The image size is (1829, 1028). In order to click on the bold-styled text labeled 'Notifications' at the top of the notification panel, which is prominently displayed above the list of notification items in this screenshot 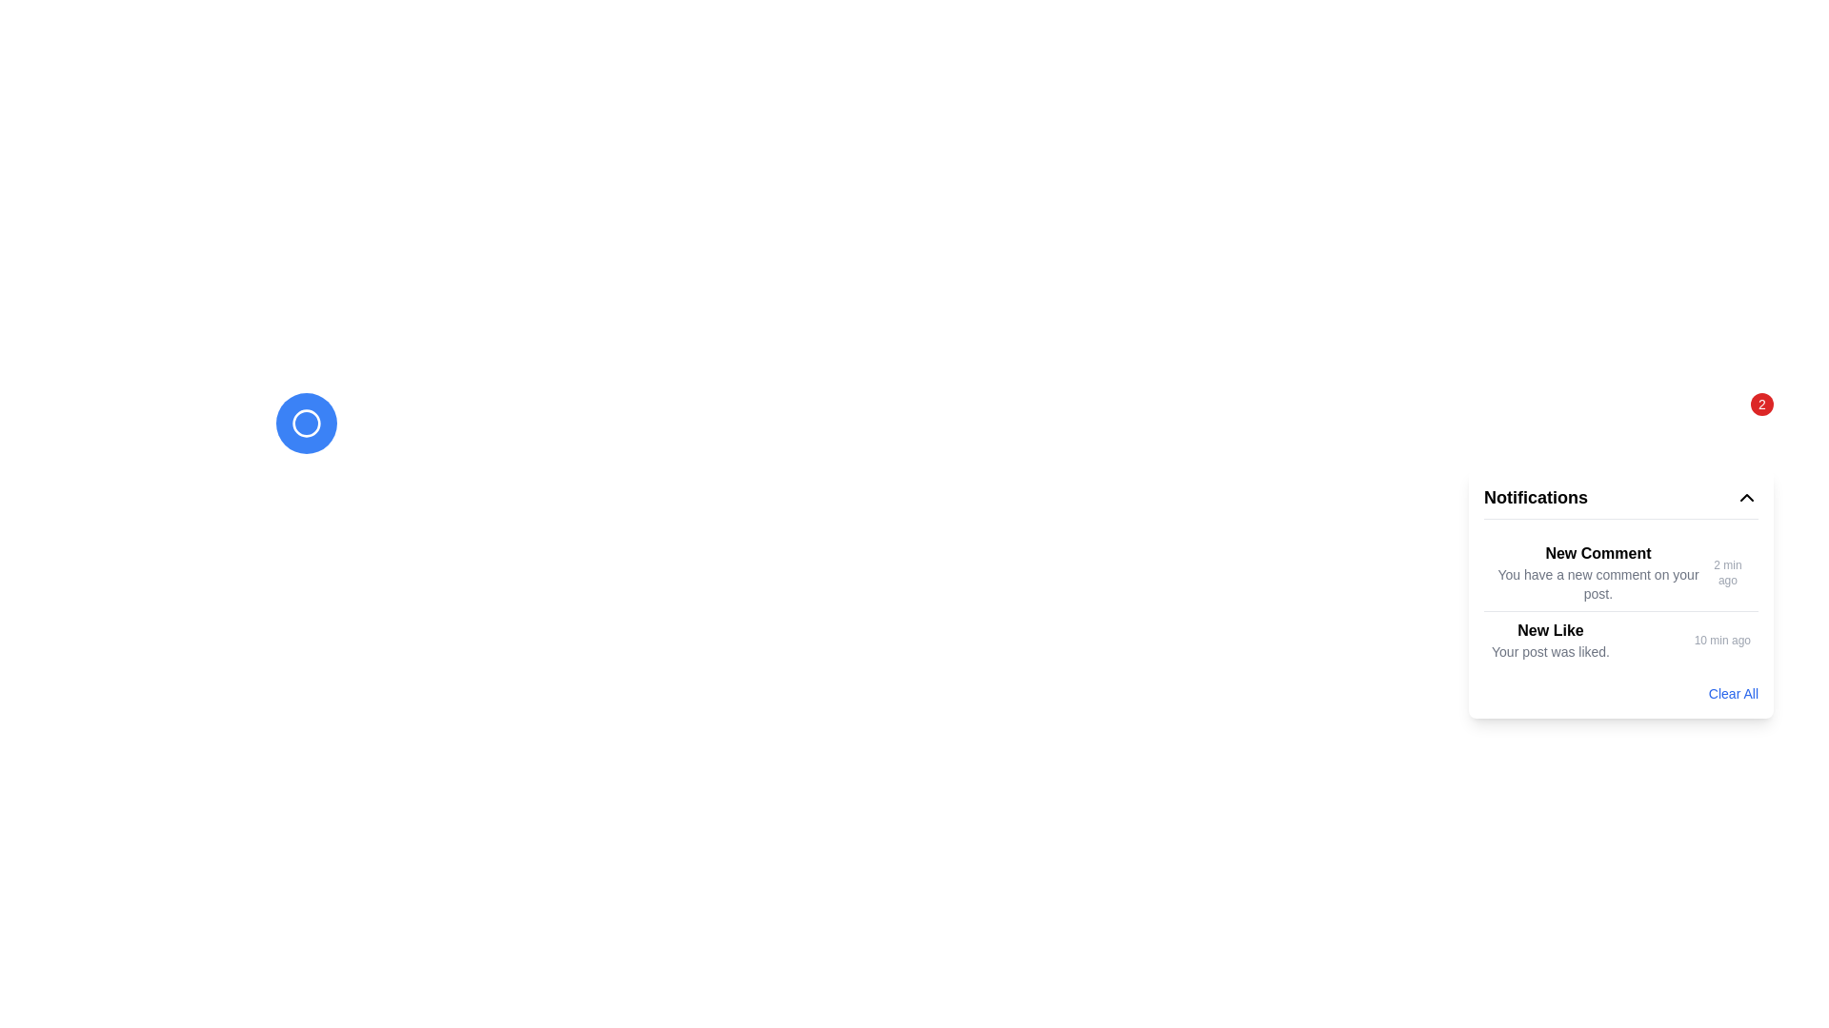, I will do `click(1536, 497)`.